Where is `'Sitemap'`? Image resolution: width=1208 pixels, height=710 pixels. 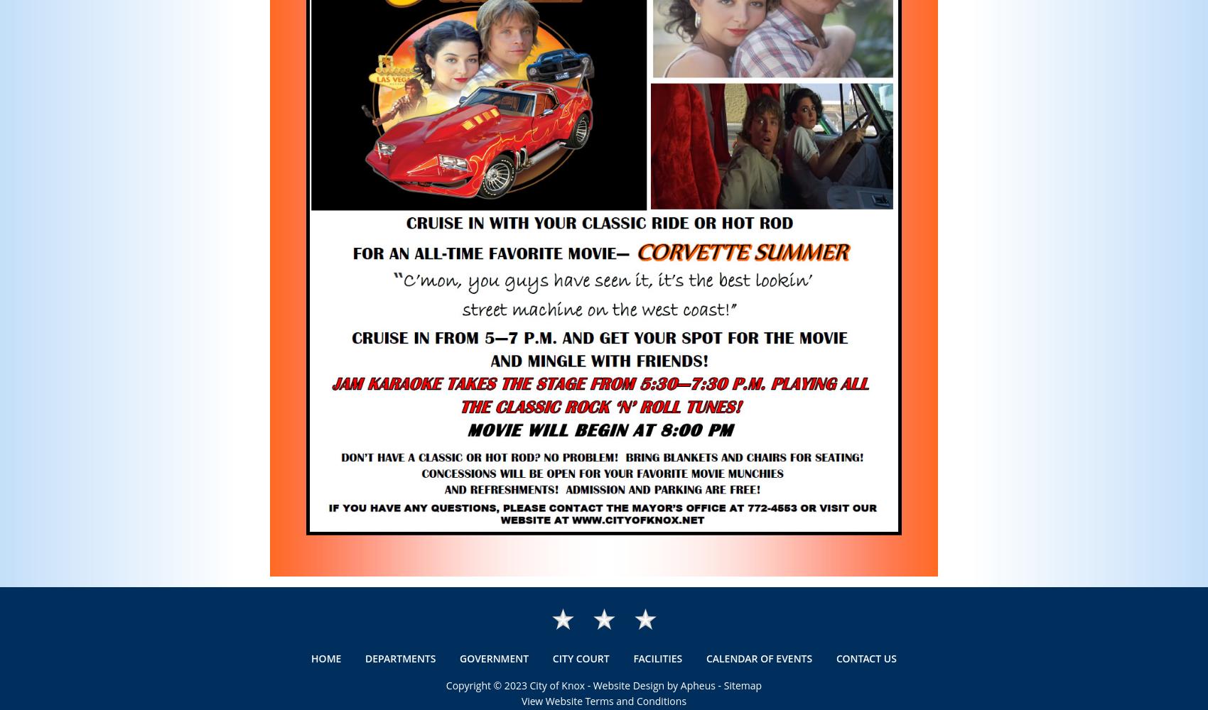
'Sitemap' is located at coordinates (722, 684).